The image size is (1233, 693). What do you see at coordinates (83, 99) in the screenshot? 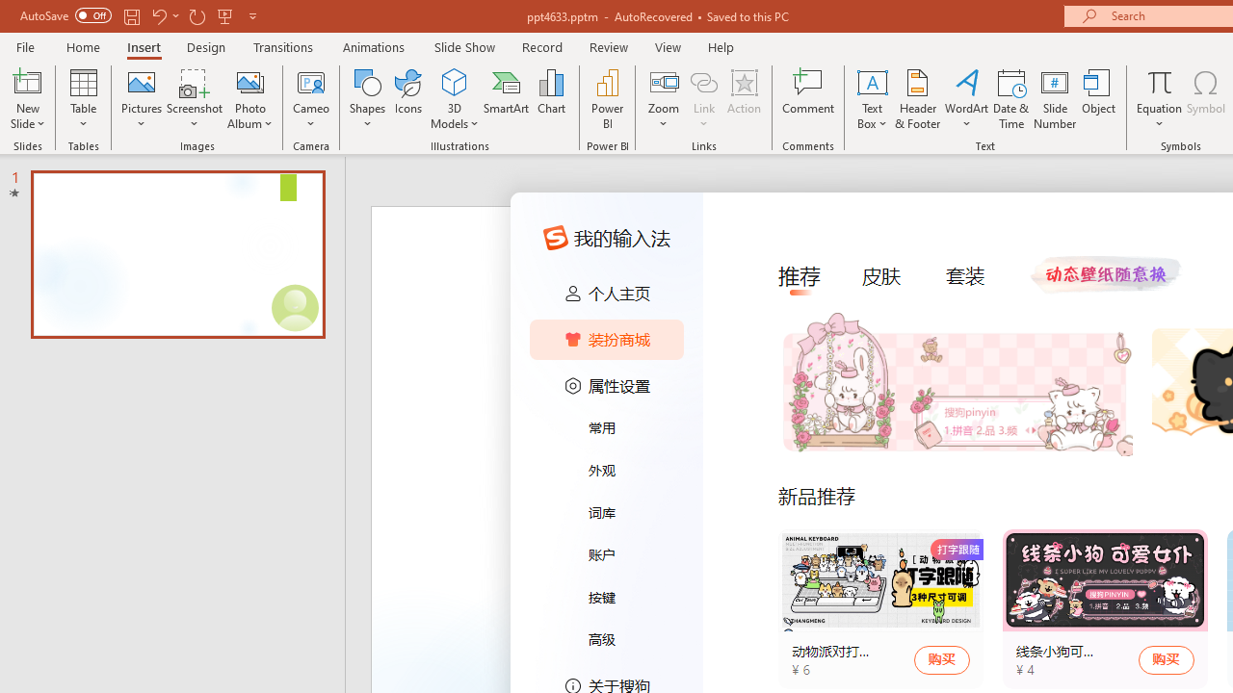
I see `'Table'` at bounding box center [83, 99].